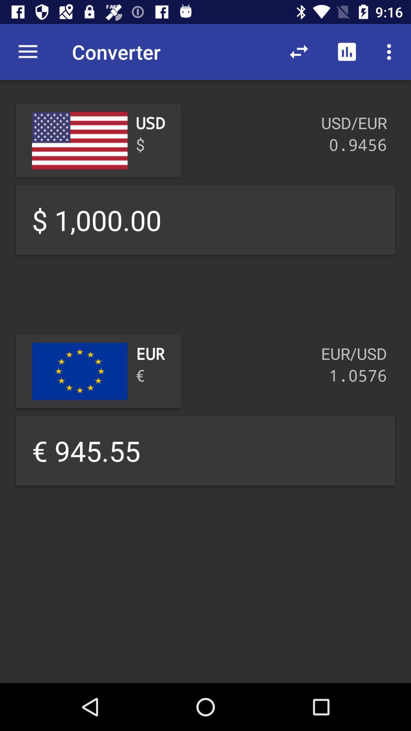 The image size is (411, 731). What do you see at coordinates (27, 51) in the screenshot?
I see `item to the left of converter icon` at bounding box center [27, 51].